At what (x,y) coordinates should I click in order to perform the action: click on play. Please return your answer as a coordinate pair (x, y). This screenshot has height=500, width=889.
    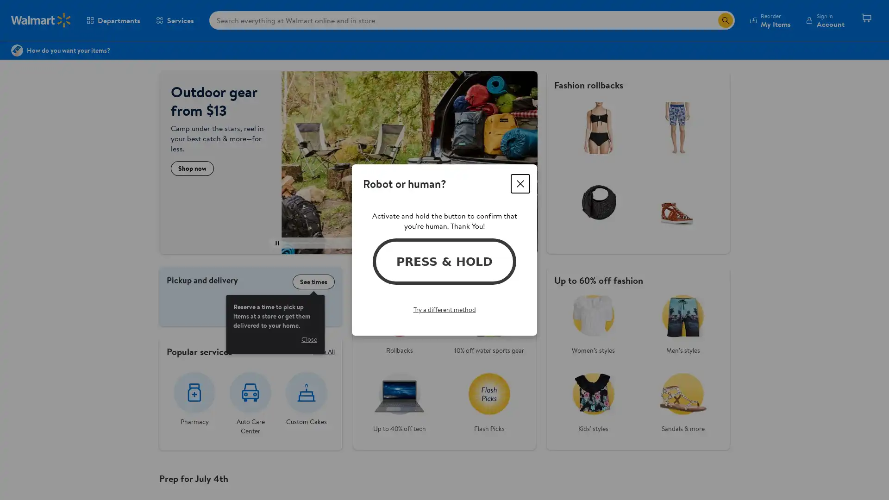
    Looking at the image, I should click on (277, 242).